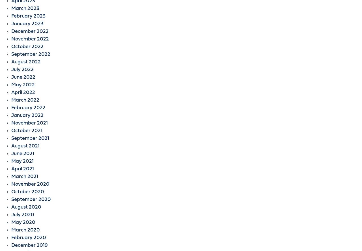  I want to click on 'April 2021', so click(11, 169).